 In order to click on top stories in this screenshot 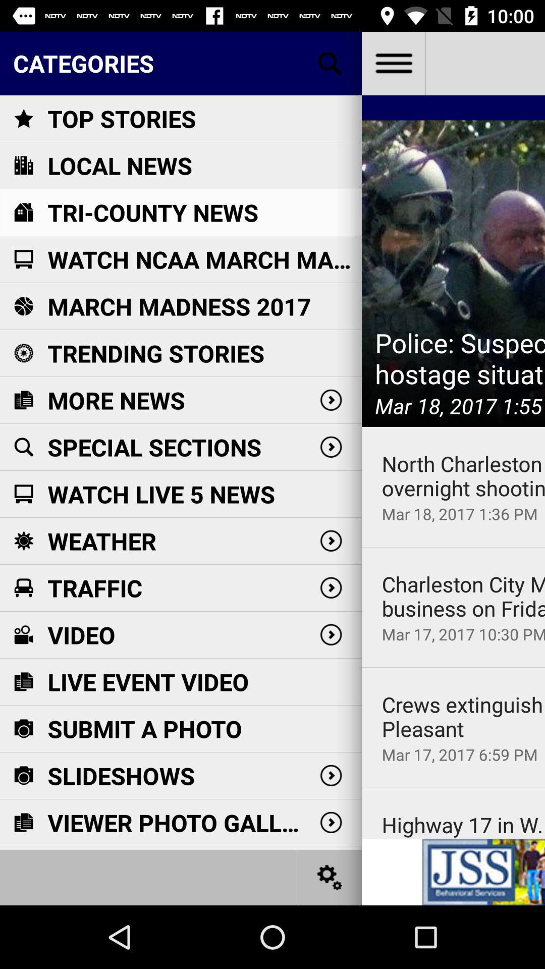, I will do `click(121, 119)`.